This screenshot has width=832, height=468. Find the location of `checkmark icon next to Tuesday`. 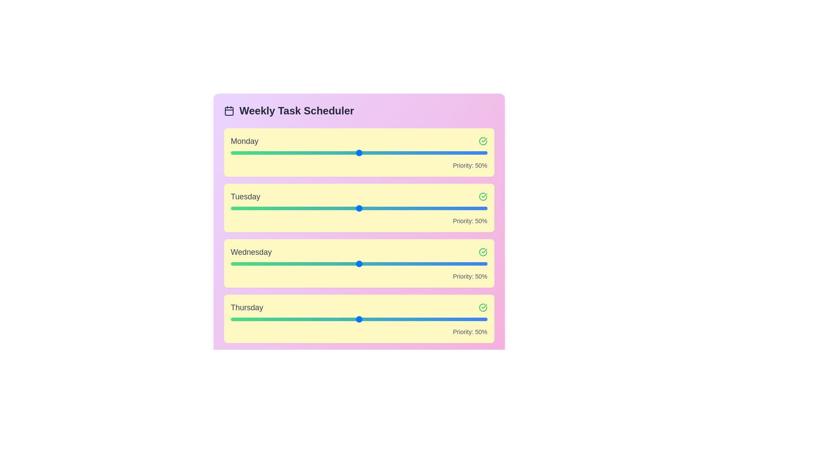

checkmark icon next to Tuesday is located at coordinates (482, 197).